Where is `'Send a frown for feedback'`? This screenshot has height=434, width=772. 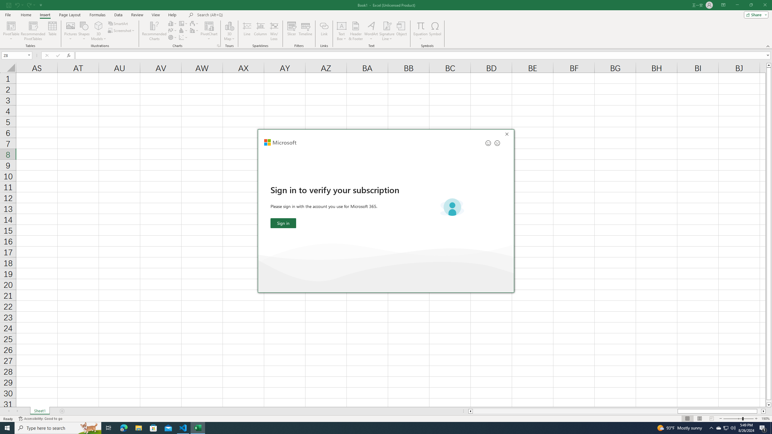
'Send a frown for feedback' is located at coordinates (497, 143).